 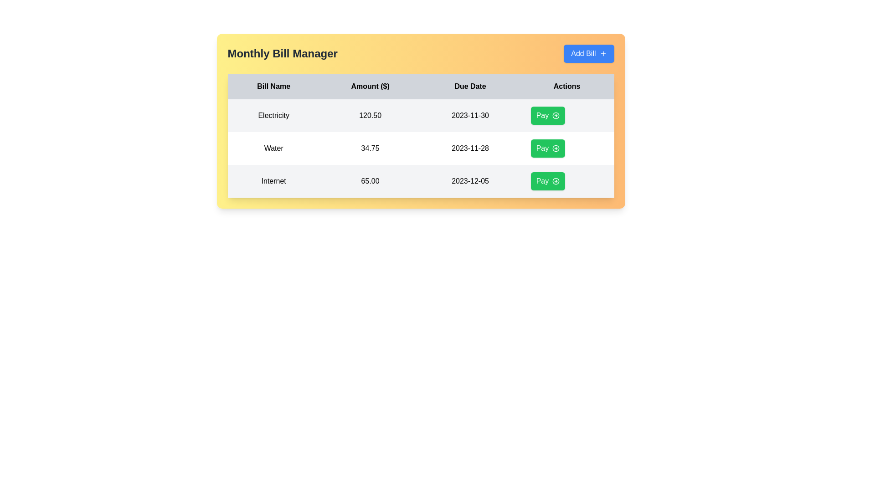 What do you see at coordinates (556, 148) in the screenshot?
I see `the payment icon within the 'Pay' button in the 'Water' bill entry` at bounding box center [556, 148].